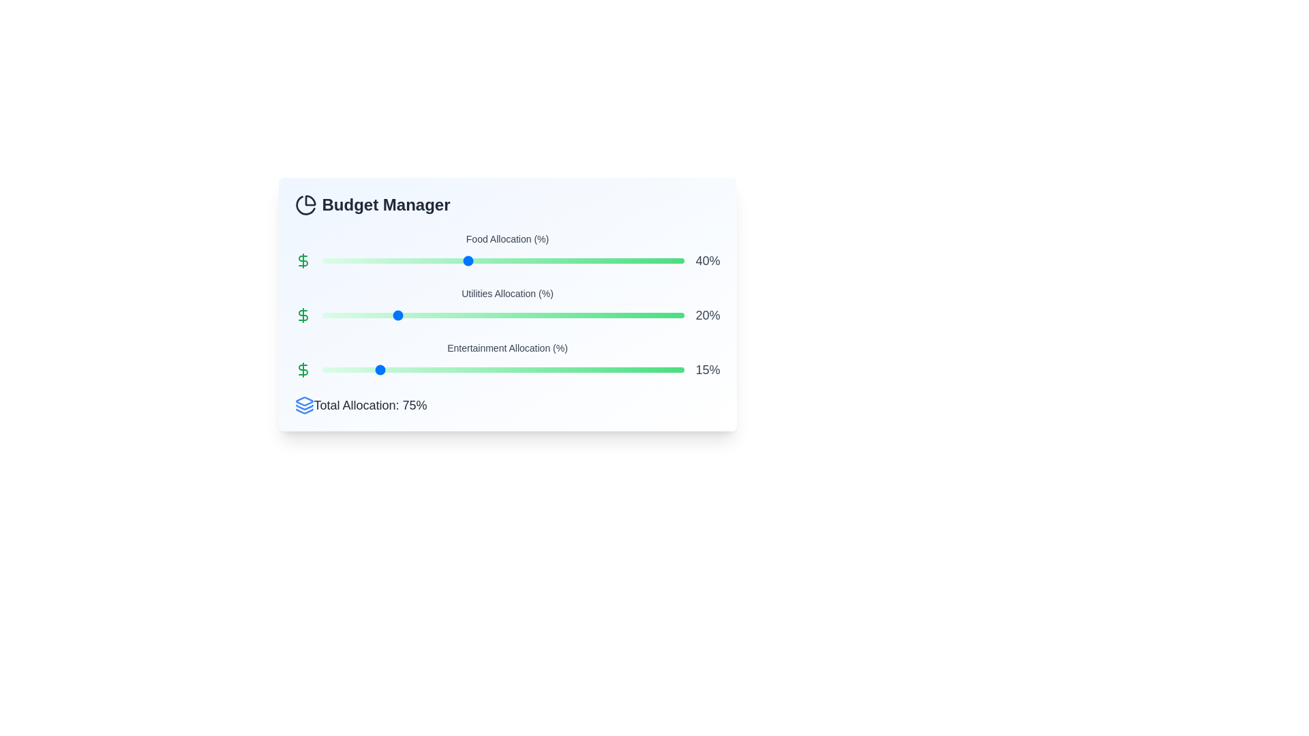  I want to click on the Entertainment Allocation slider to 15%, so click(376, 370).